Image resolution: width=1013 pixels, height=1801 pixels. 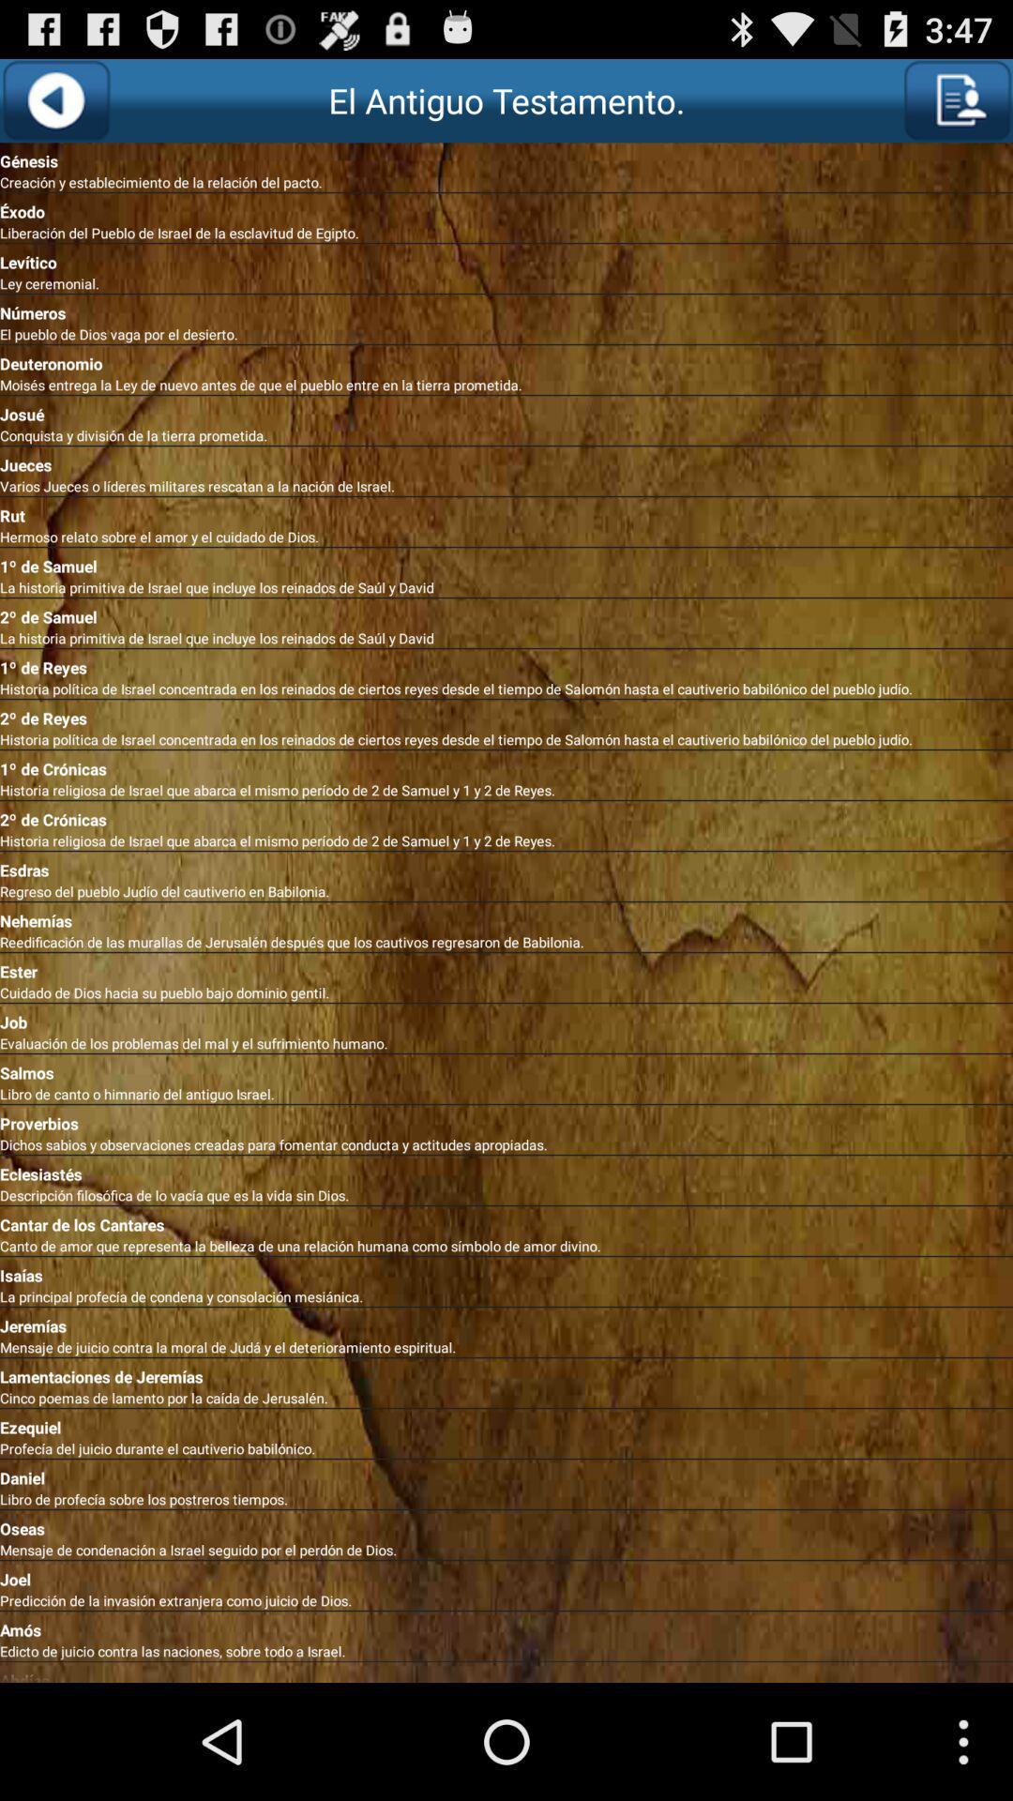 What do you see at coordinates (54, 99) in the screenshot?
I see `app to the left of el antiguo testamento. item` at bounding box center [54, 99].